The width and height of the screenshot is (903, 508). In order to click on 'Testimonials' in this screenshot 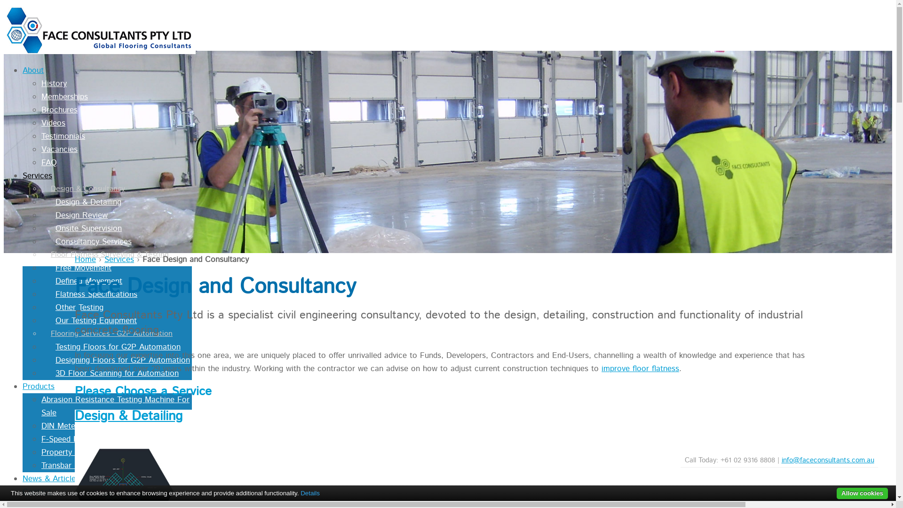, I will do `click(63, 136)`.